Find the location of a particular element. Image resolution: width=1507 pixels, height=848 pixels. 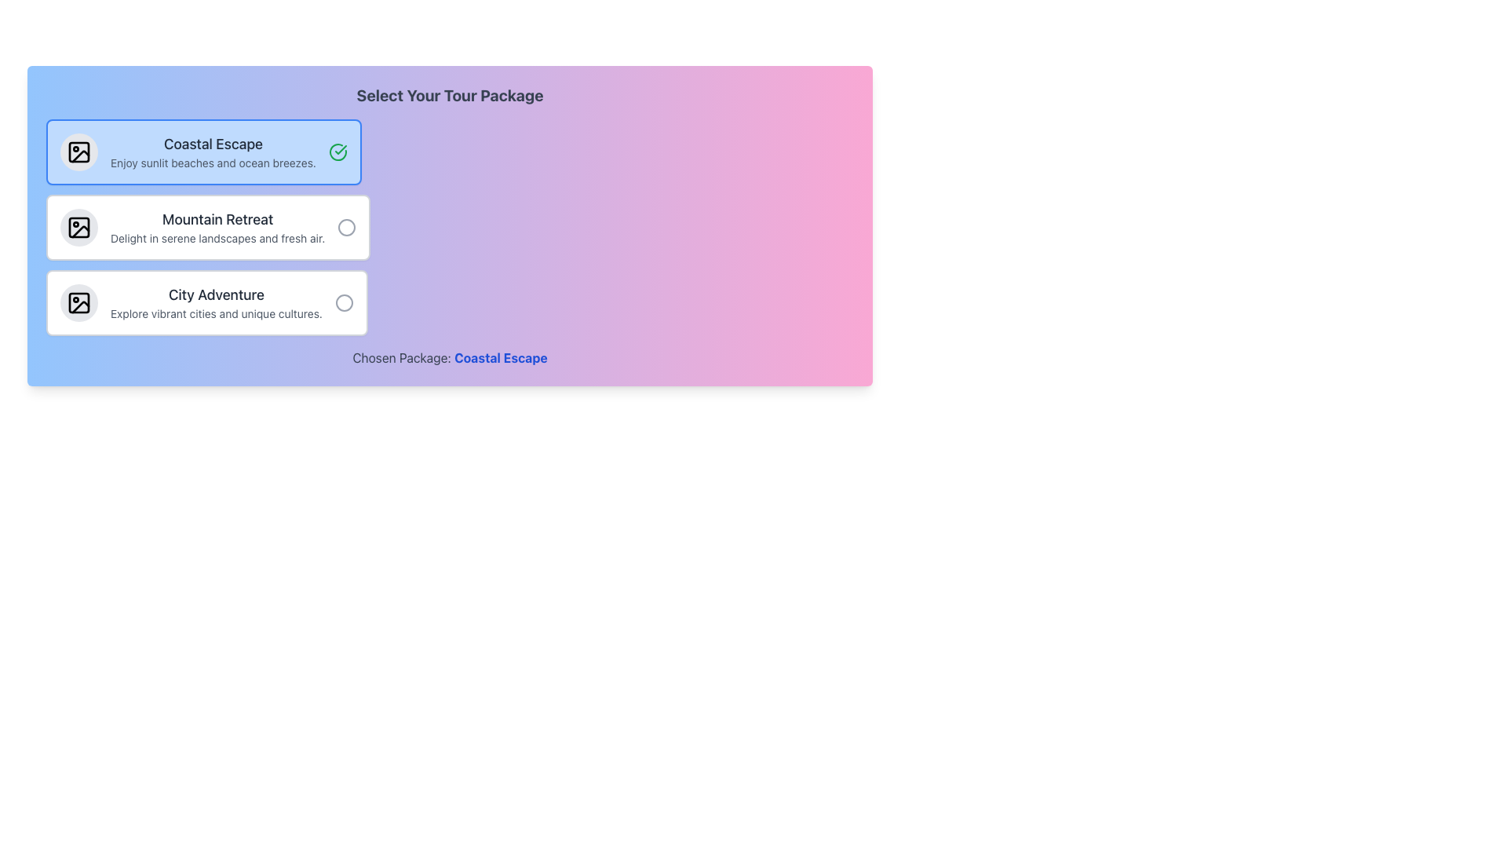

the Text Label element displaying 'Coastal Escape' to read its content is located at coordinates (212, 144).